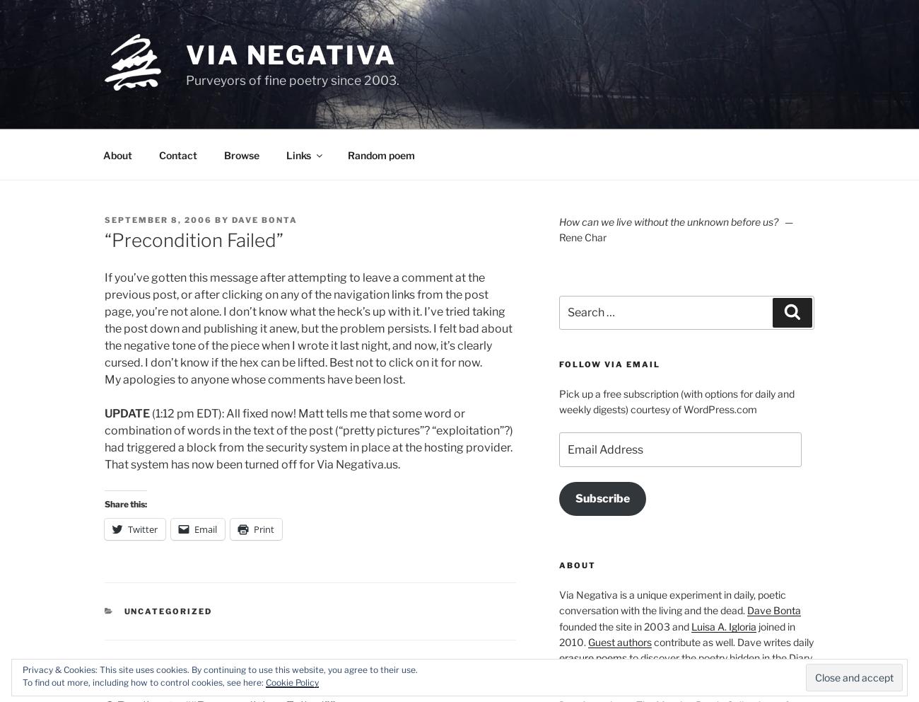  Describe the element at coordinates (205, 527) in the screenshot. I see `'Email'` at that location.